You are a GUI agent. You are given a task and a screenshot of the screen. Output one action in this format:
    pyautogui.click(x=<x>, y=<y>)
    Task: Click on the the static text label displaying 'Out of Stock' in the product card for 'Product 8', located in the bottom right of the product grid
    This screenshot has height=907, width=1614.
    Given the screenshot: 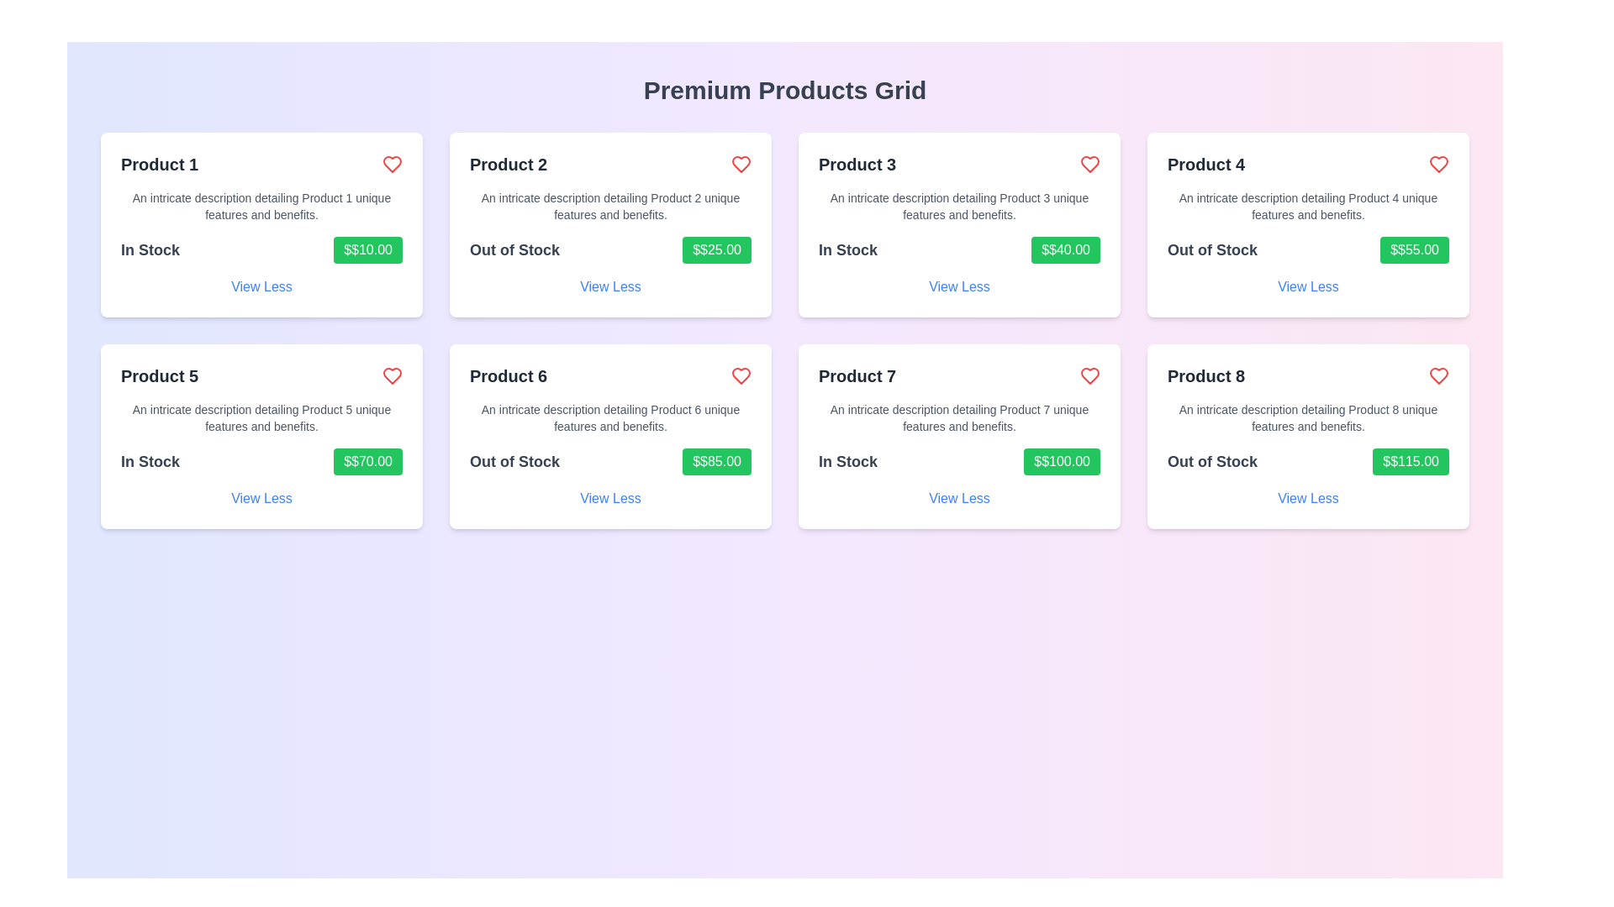 What is the action you would take?
    pyautogui.click(x=1212, y=462)
    